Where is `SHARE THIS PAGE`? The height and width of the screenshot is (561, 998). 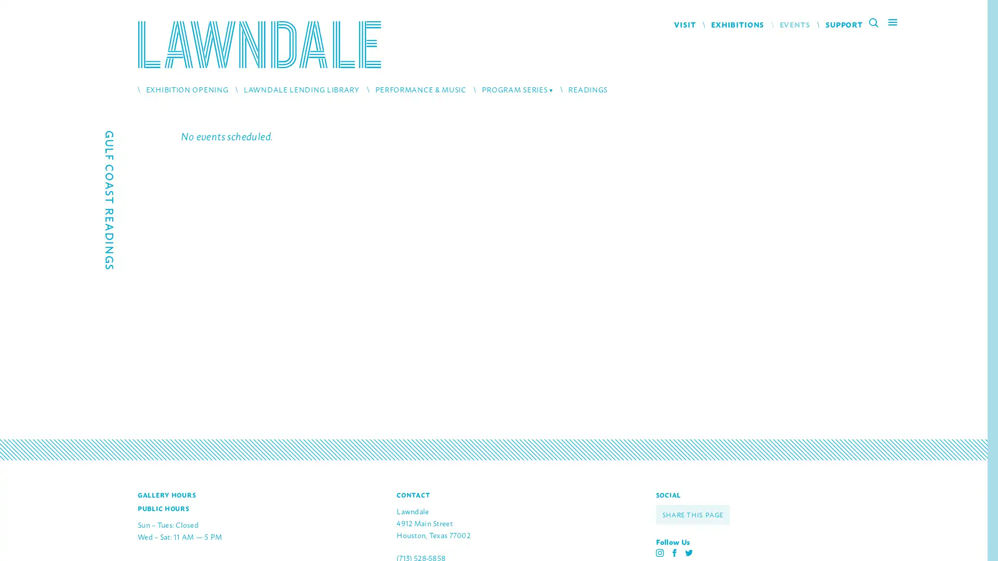
SHARE THIS PAGE is located at coordinates (695, 515).